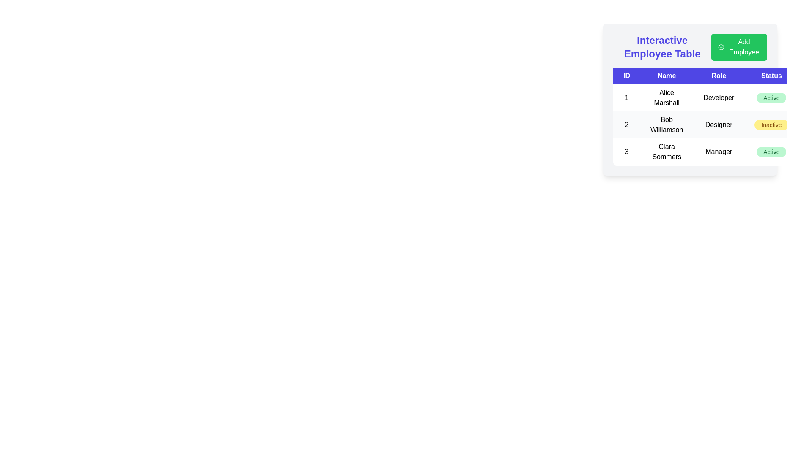 This screenshot has height=456, width=812. I want to click on the text field displaying the name 'Alice Marshall' in the second column of the first row of the table, so click(666, 97).